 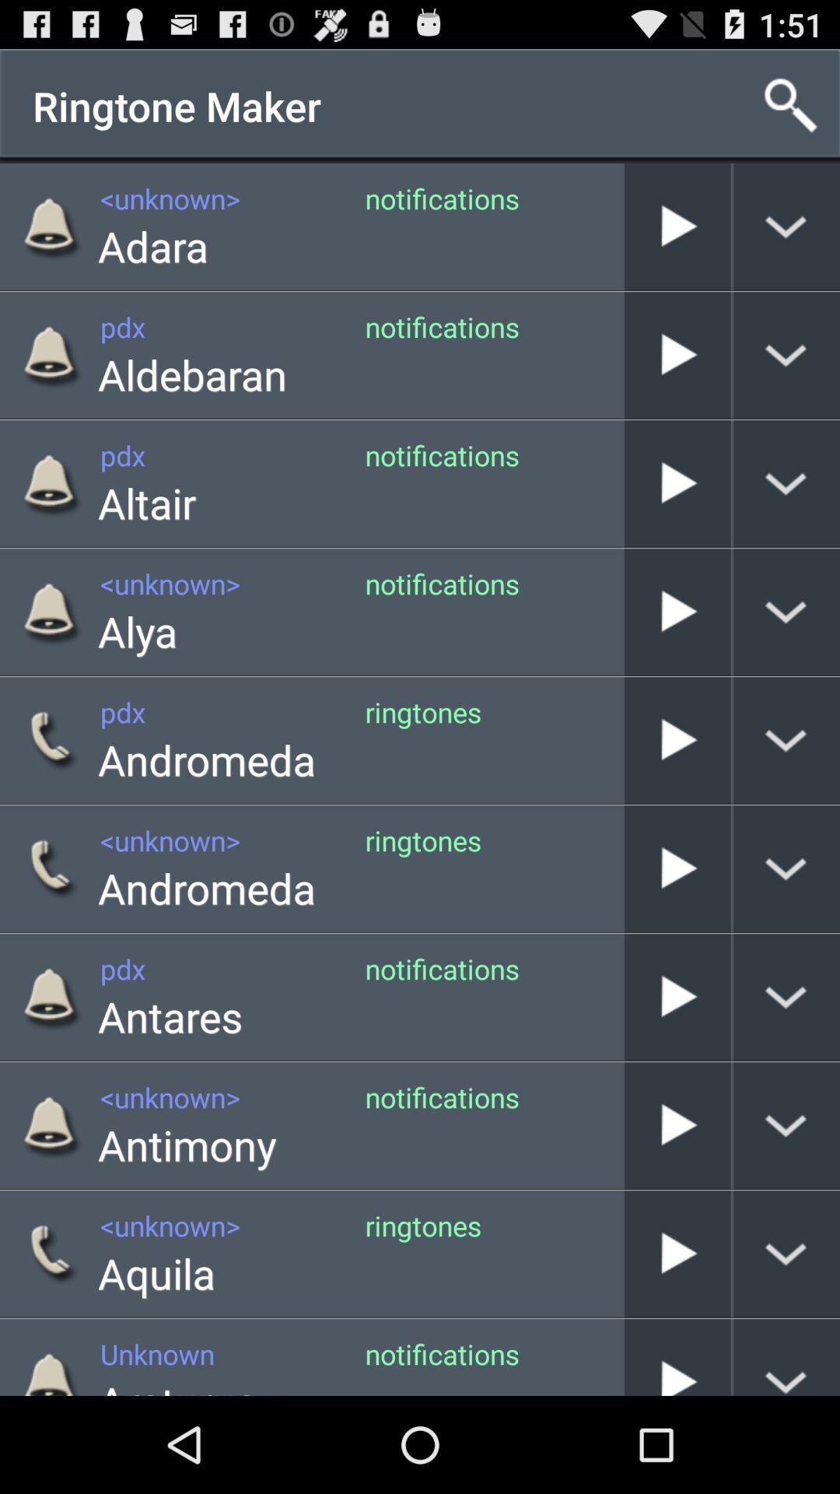 I want to click on sound, so click(x=677, y=611).